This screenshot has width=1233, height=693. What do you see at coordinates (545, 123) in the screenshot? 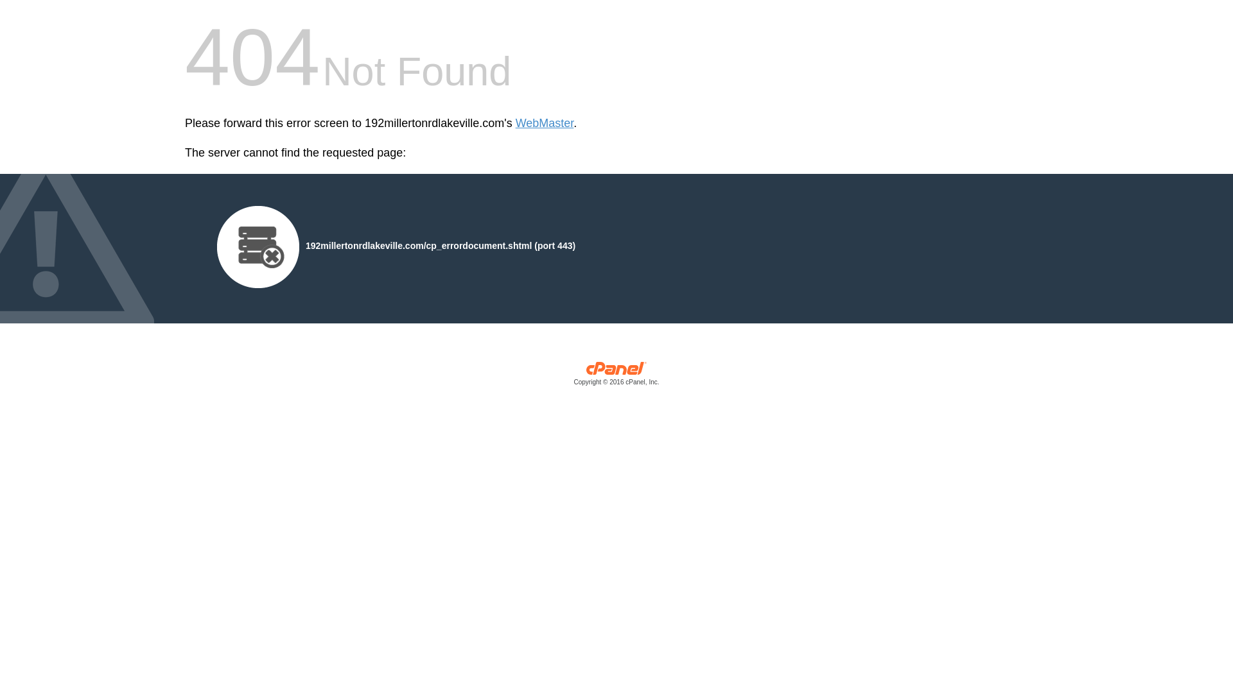
I see `'WebMaster'` at bounding box center [545, 123].